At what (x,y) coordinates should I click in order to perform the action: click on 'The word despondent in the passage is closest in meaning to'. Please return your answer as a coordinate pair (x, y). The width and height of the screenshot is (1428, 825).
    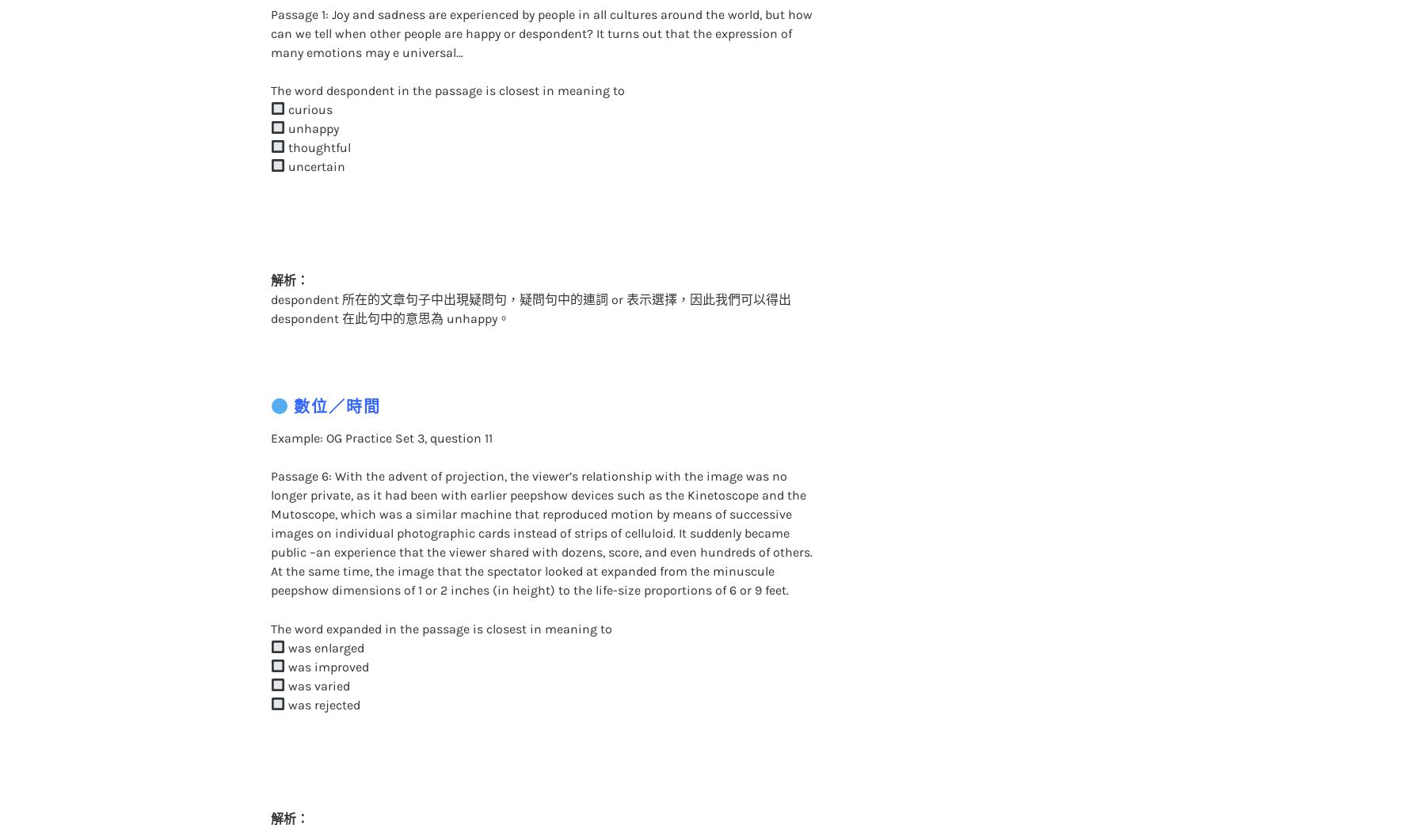
    Looking at the image, I should click on (446, 57).